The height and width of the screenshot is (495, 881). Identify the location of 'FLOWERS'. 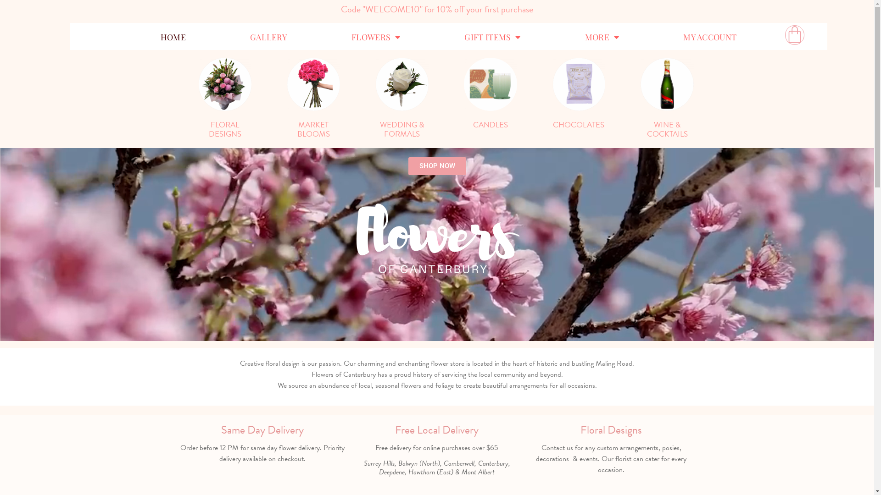
(376, 37).